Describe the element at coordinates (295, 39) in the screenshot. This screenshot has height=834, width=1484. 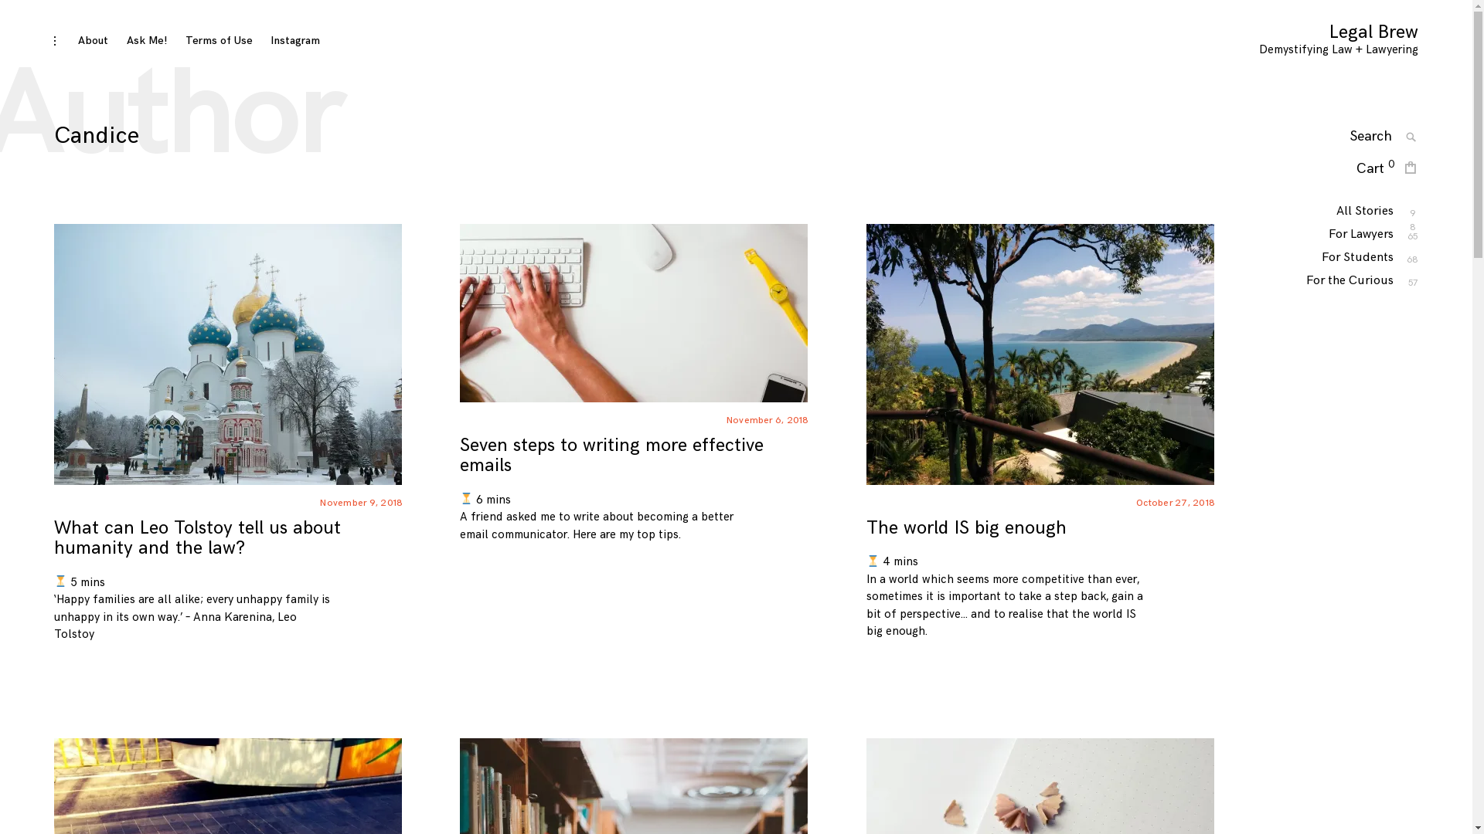
I see `'Instagram'` at that location.